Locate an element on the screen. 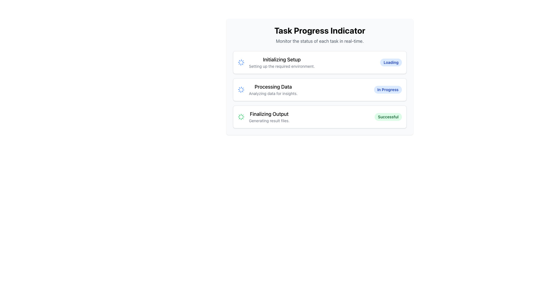 Image resolution: width=534 pixels, height=300 pixels. the text label that provides information about the task 'Initializing Setup', which is positioned immediately below the same-named text in the first task section of the list of tasks is located at coordinates (282, 66).